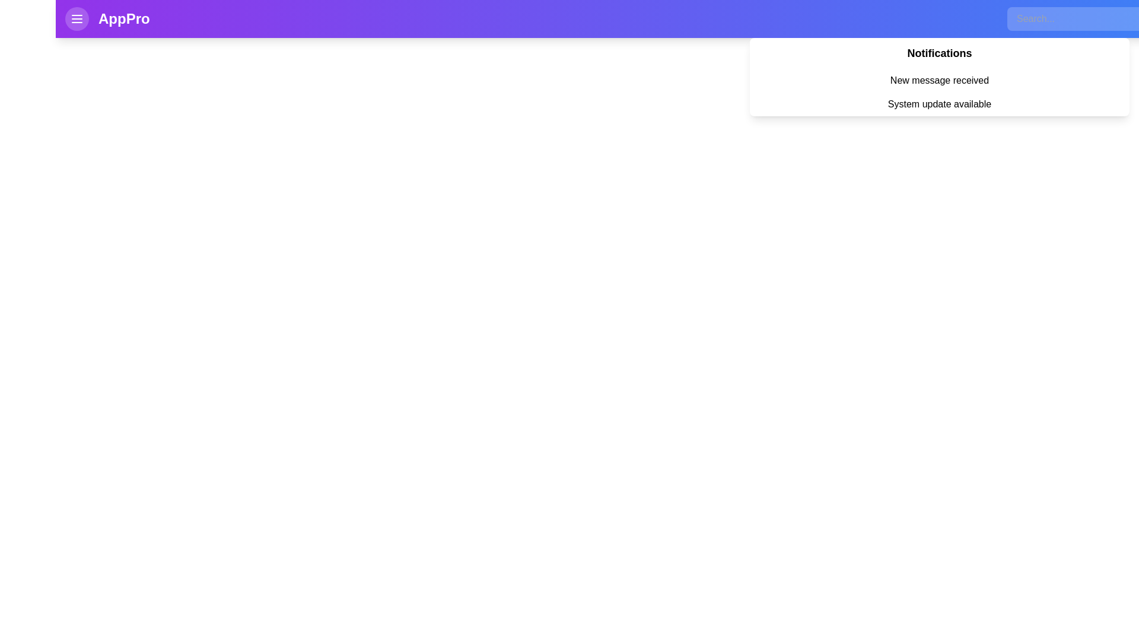 The height and width of the screenshot is (641, 1139). I want to click on individual notifications within the Notification Card located at the top-right corner of the interface, which has a white background and contains the title 'Notifications' with two messages: 'New message received' and 'System update available', so click(939, 77).